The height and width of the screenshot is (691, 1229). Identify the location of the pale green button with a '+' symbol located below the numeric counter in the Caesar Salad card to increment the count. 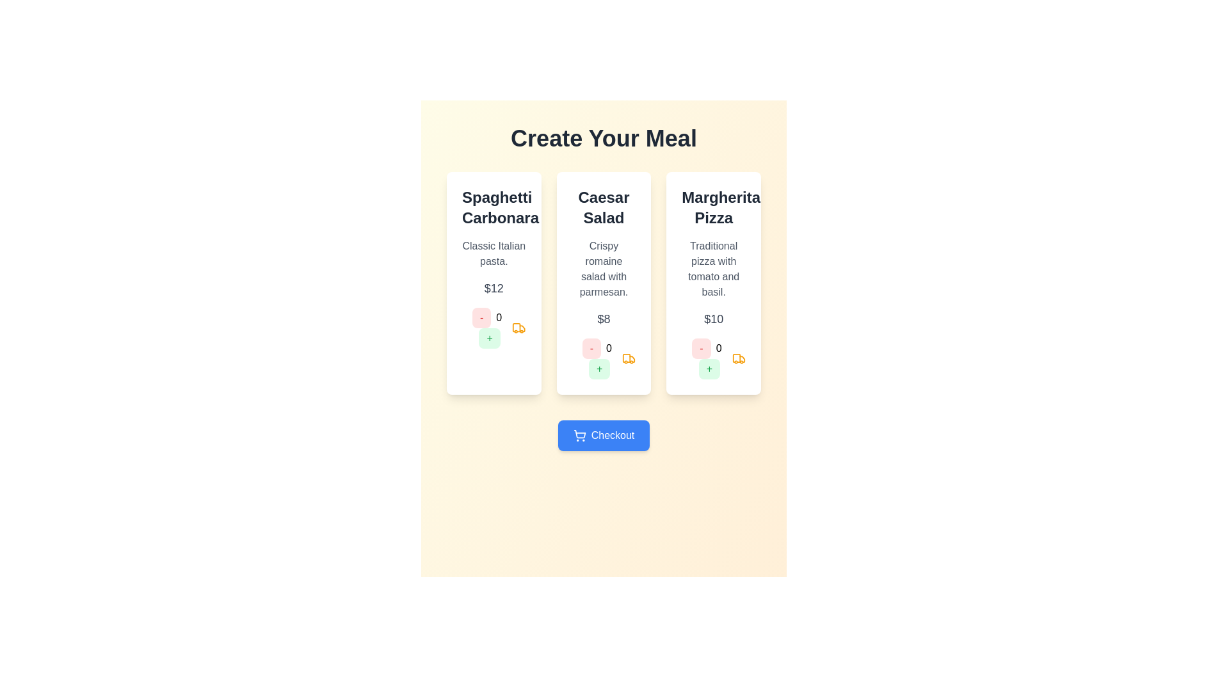
(598, 369).